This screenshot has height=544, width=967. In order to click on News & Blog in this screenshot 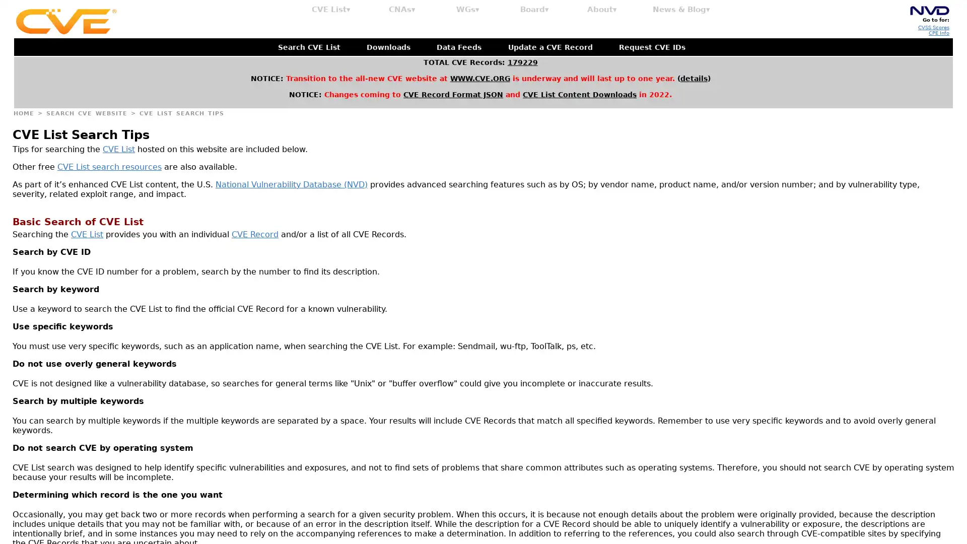, I will do `click(681, 10)`.